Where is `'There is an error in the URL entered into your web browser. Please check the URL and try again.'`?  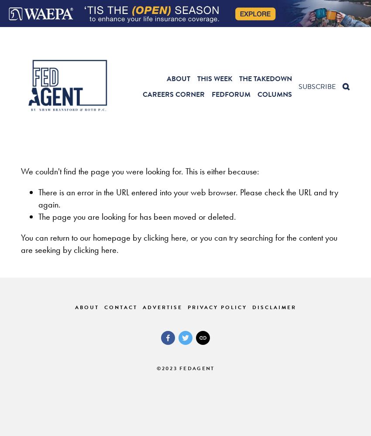
'There is an error in the URL entered into your web browser. Please check the URL and try again.' is located at coordinates (188, 198).